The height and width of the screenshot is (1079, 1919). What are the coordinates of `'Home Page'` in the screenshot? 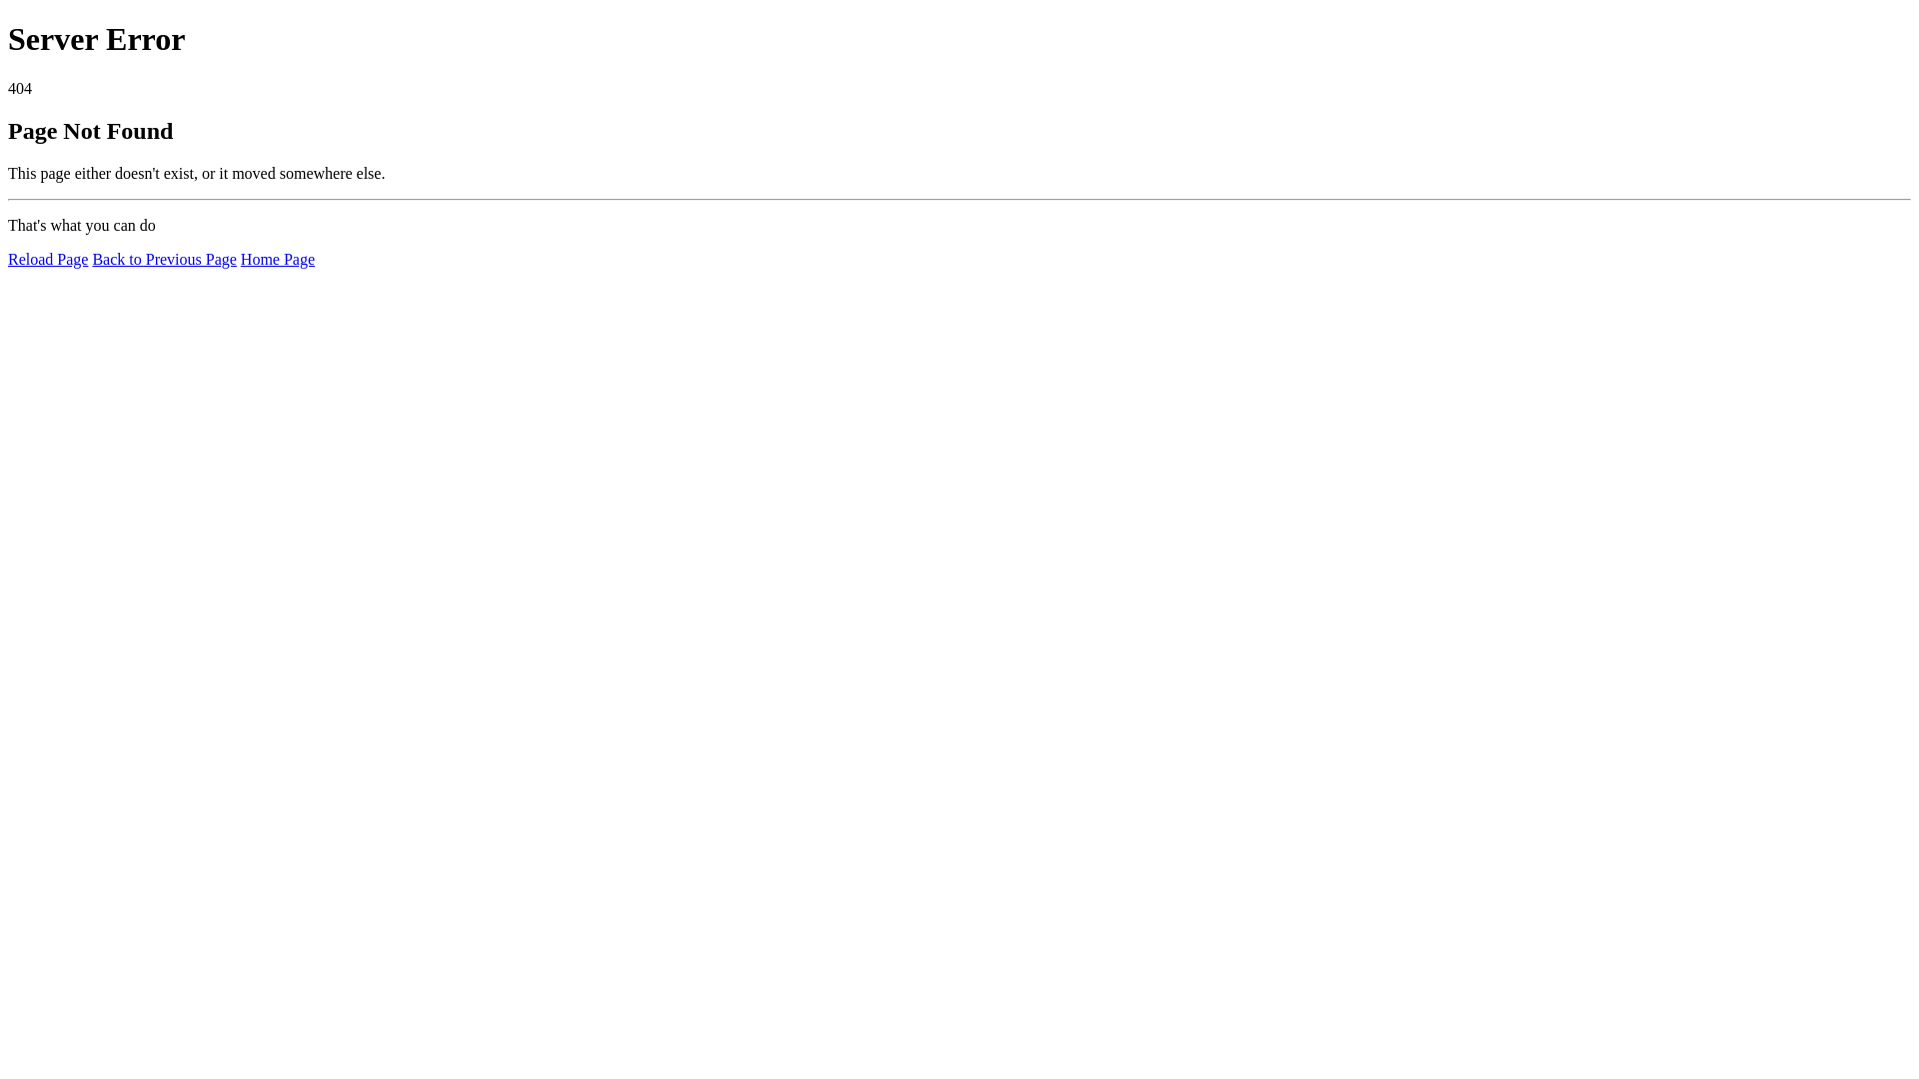 It's located at (277, 258).